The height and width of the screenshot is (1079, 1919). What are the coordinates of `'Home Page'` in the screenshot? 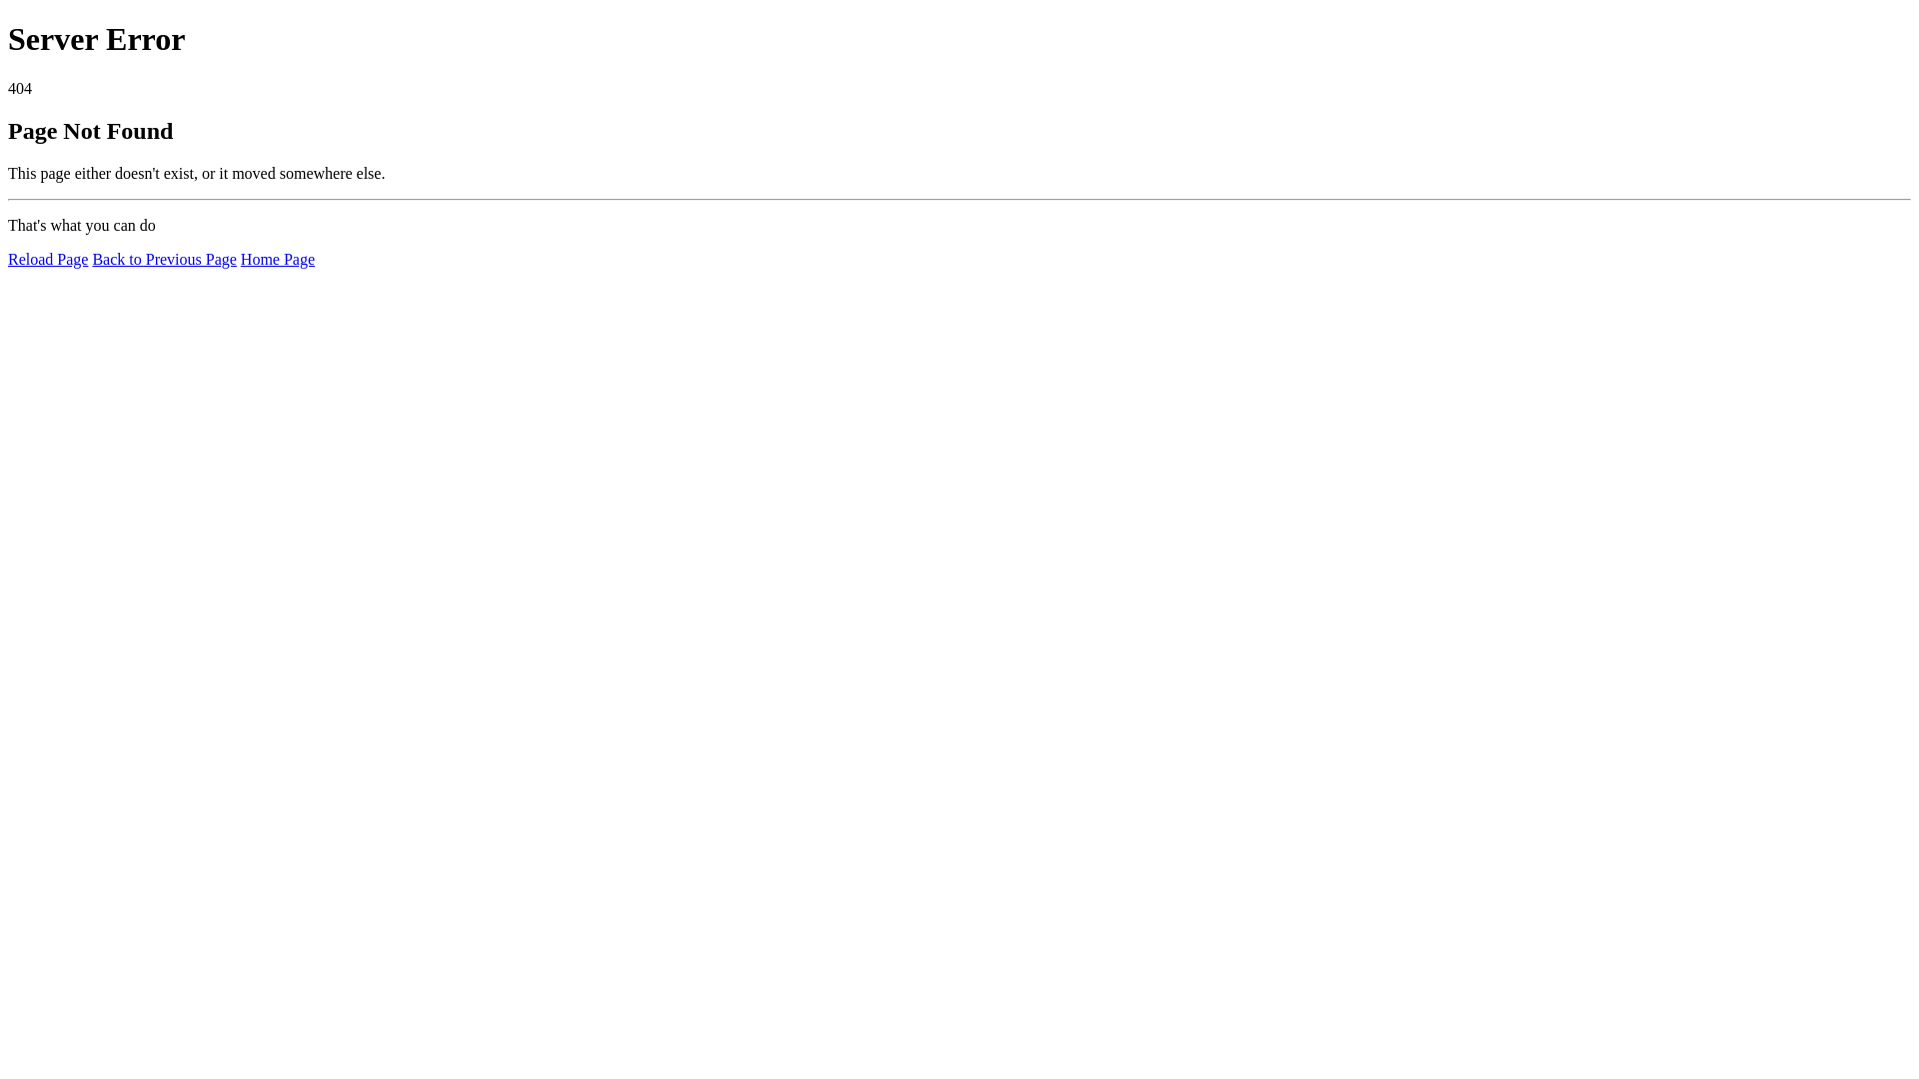 It's located at (277, 258).